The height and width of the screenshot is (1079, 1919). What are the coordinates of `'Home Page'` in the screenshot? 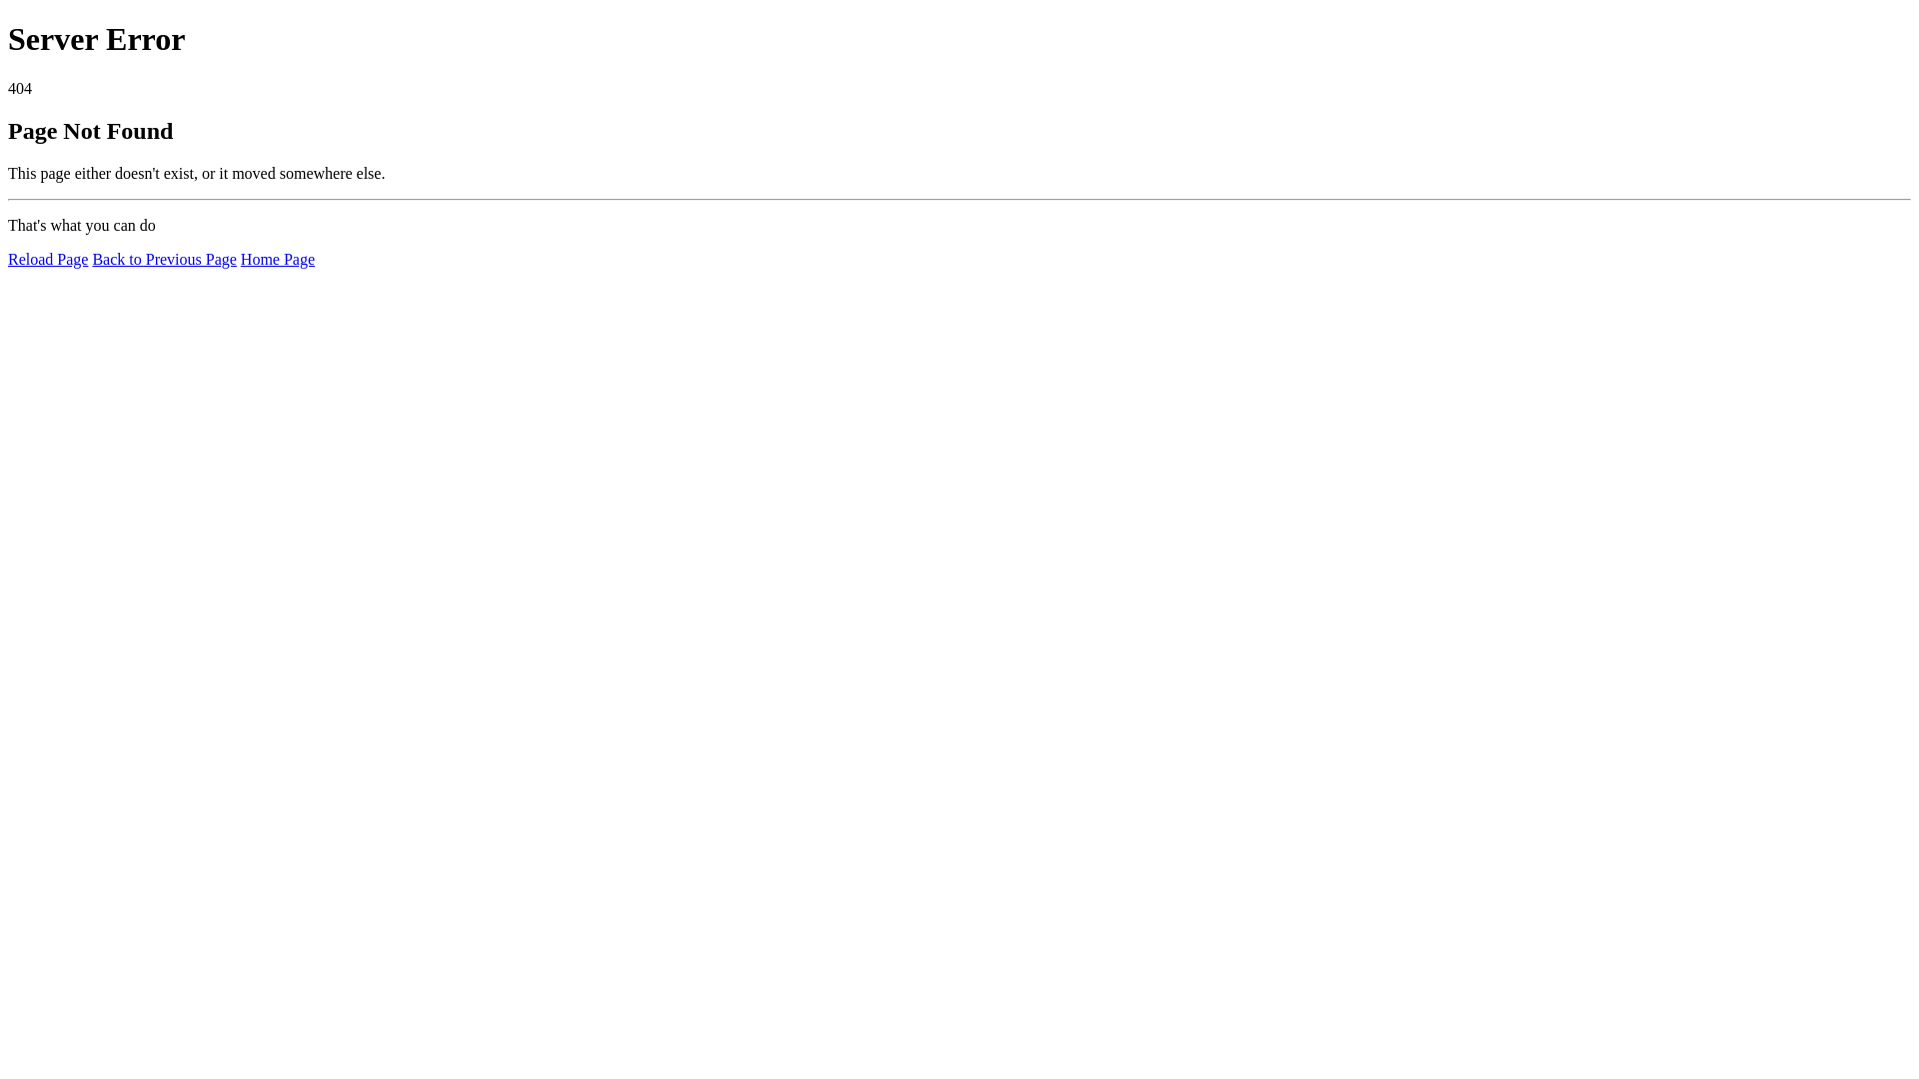 It's located at (277, 258).